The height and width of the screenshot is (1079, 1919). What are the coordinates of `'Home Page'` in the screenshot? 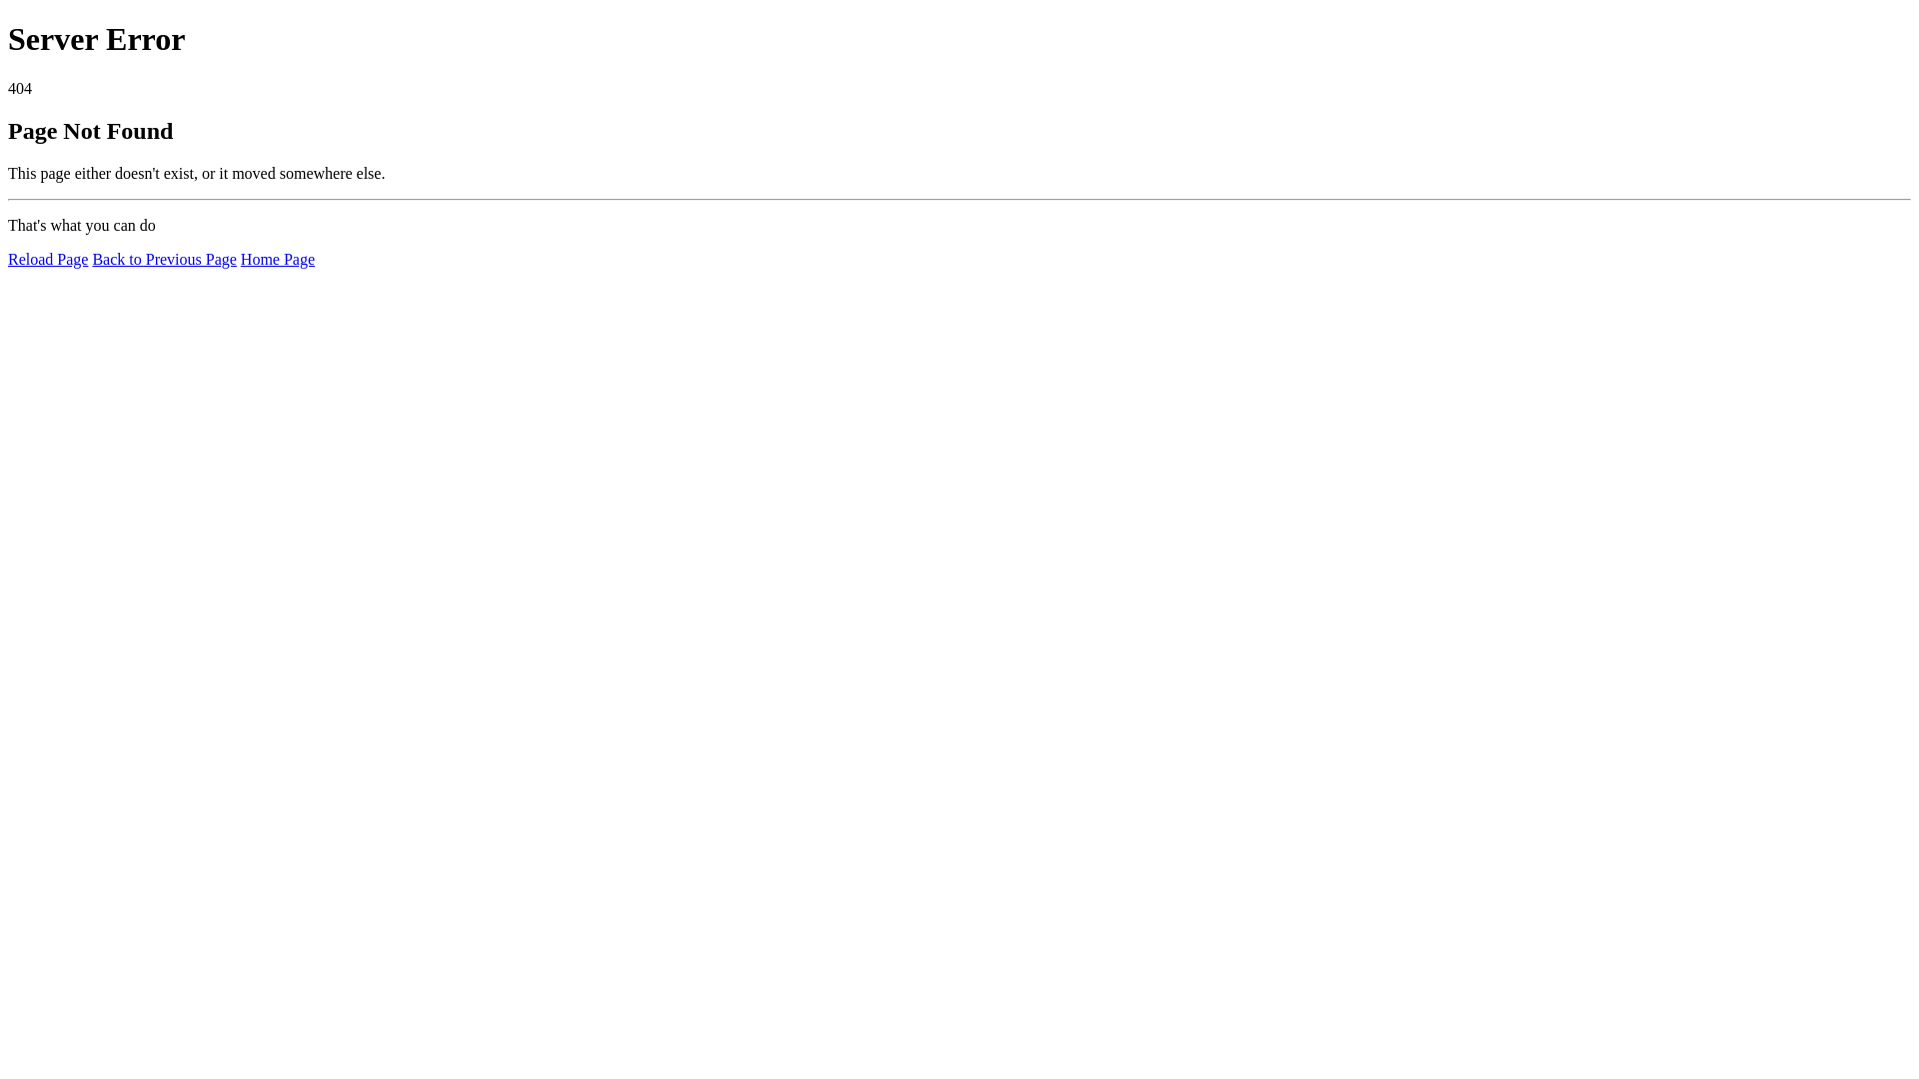 It's located at (277, 258).